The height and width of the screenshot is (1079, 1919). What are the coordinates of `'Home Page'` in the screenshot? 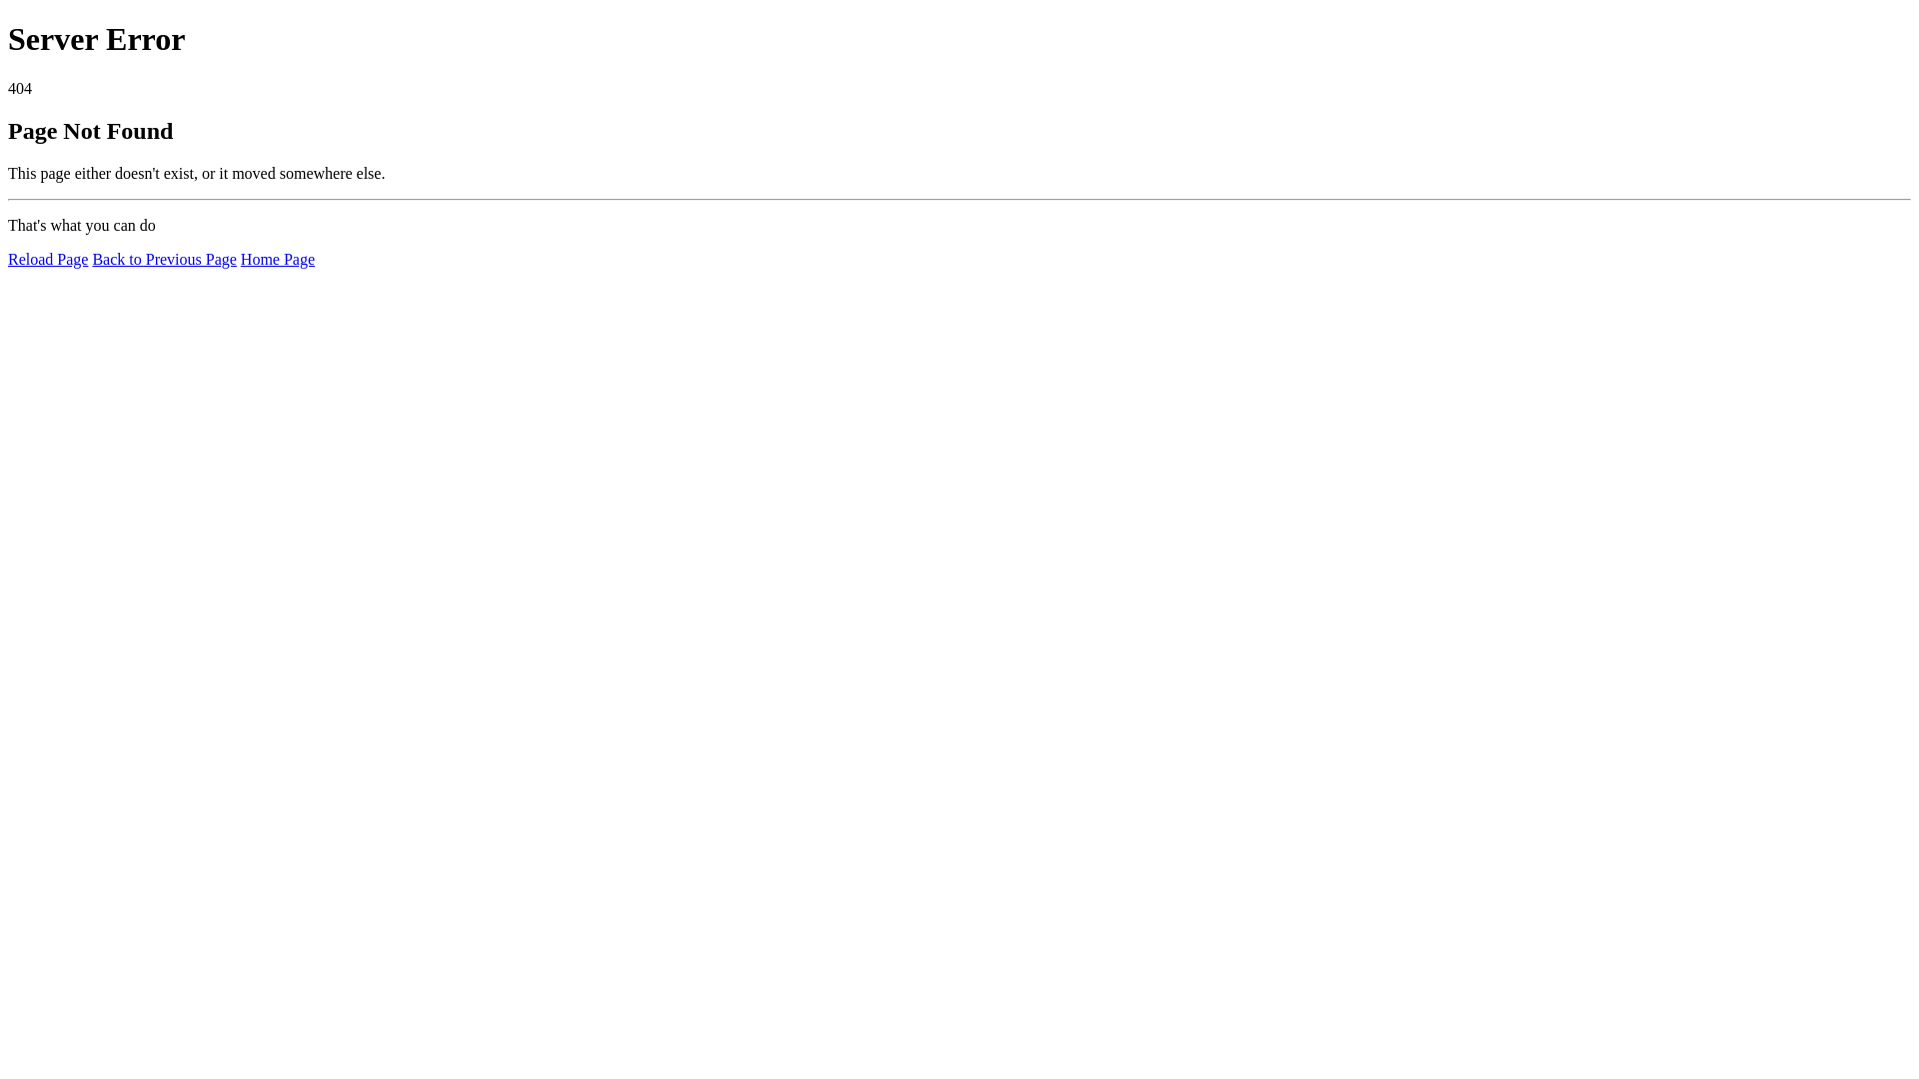 It's located at (277, 258).